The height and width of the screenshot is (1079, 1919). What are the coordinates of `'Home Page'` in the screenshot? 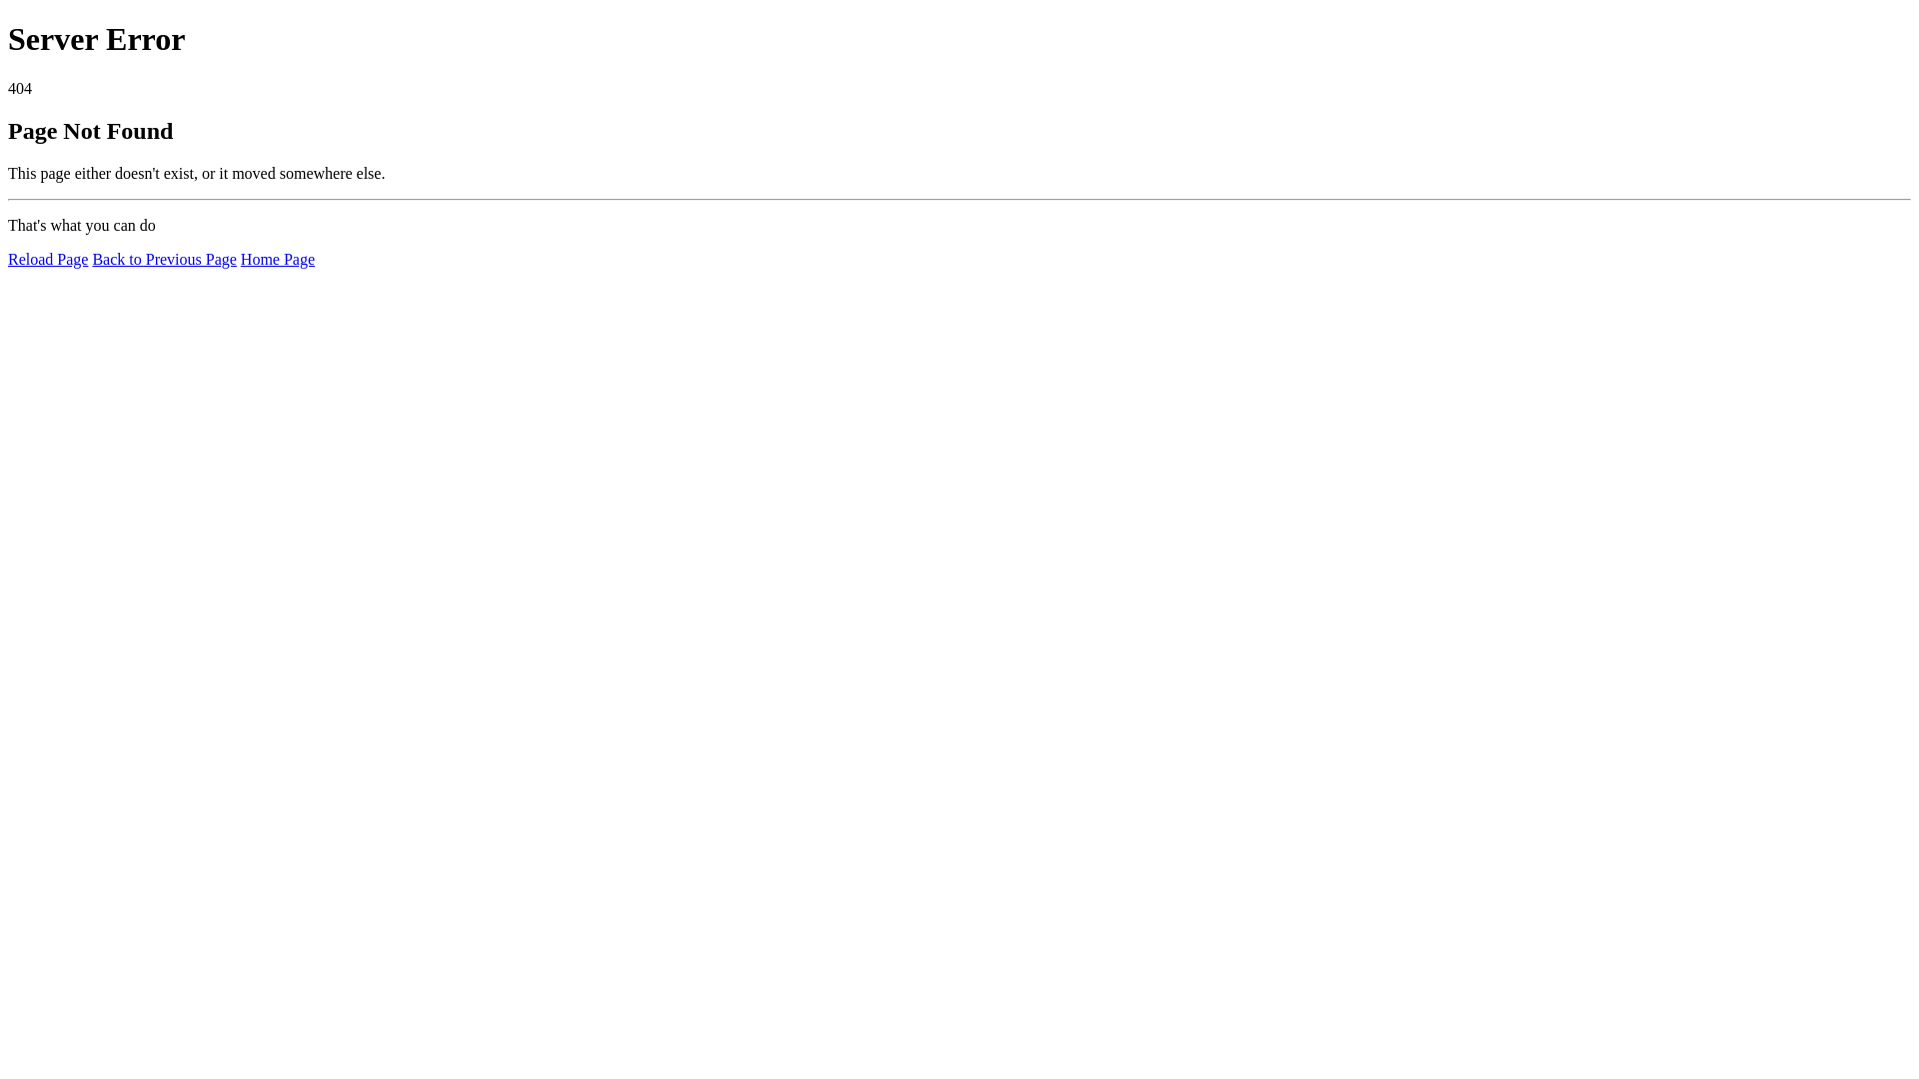 It's located at (277, 258).